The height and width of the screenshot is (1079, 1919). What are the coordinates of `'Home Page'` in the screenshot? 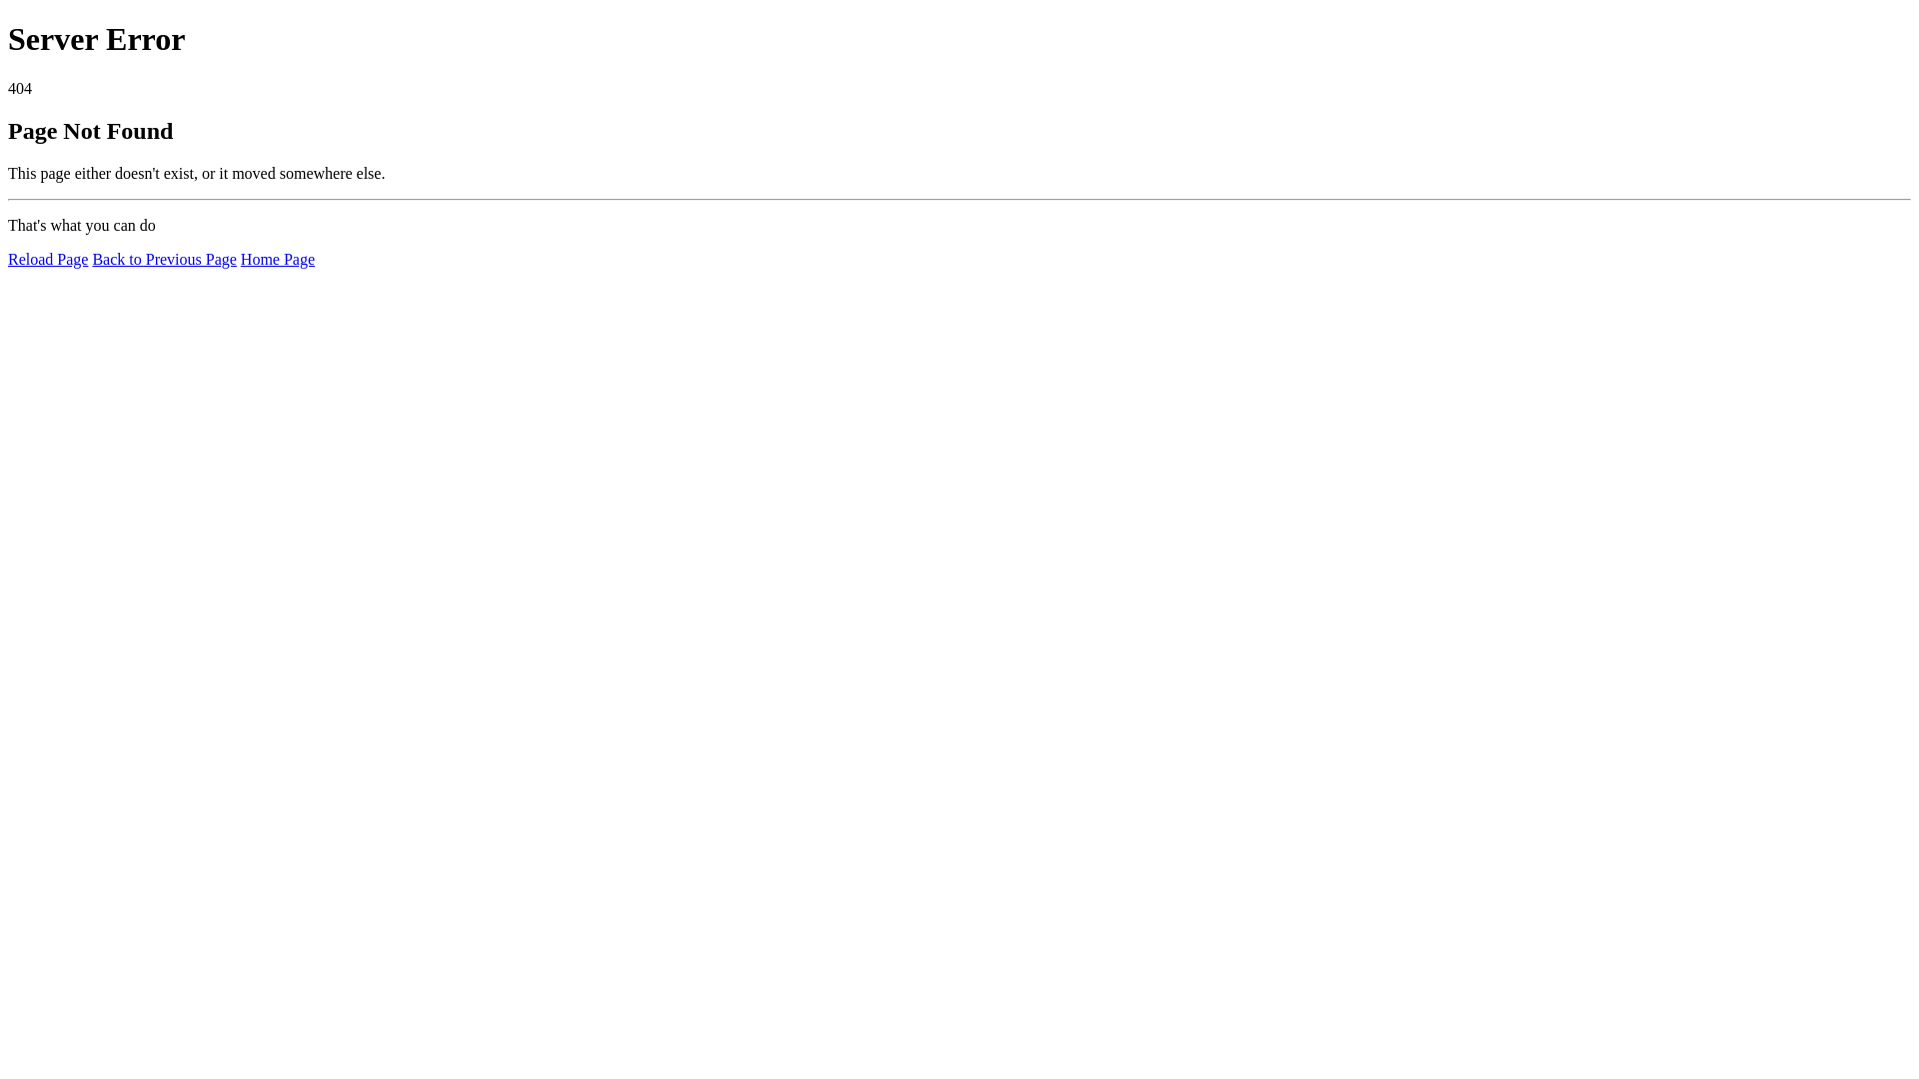 It's located at (277, 258).